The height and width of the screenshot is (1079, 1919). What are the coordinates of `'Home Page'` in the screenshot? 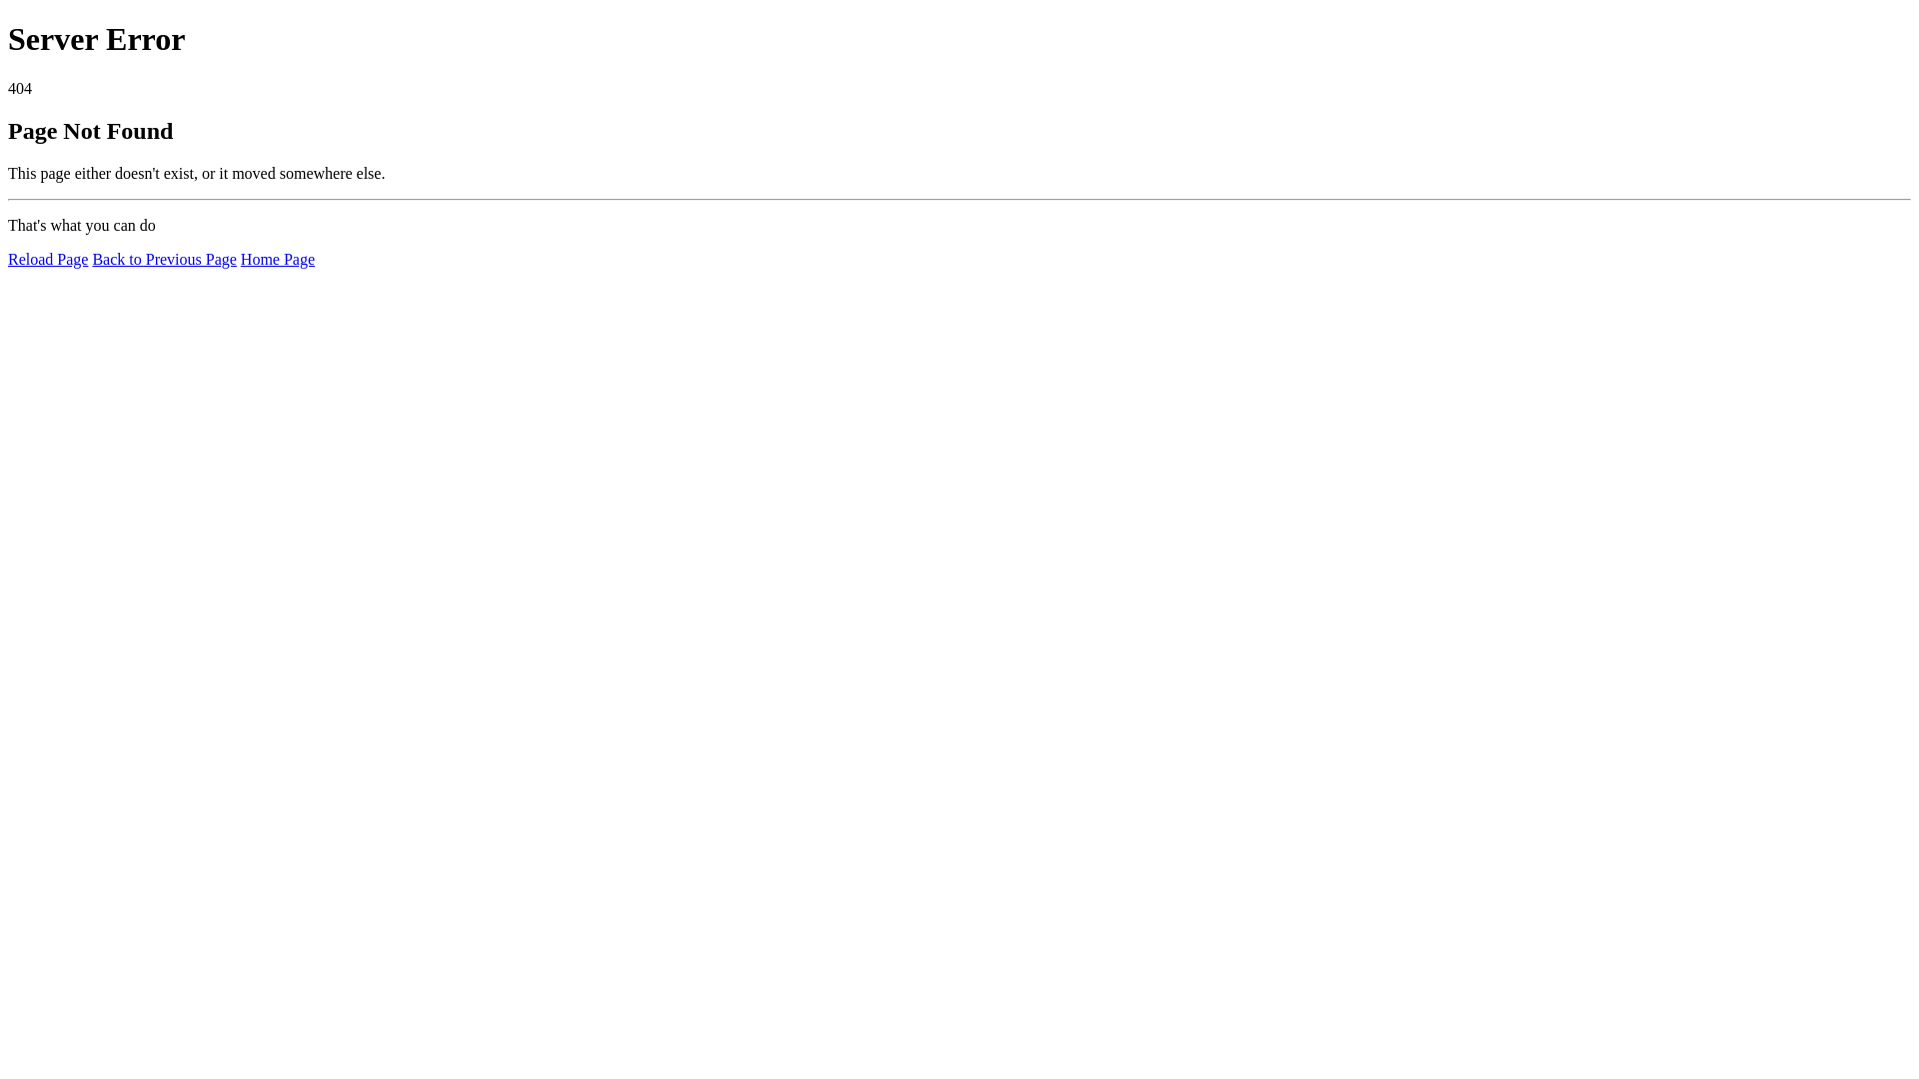 It's located at (277, 258).